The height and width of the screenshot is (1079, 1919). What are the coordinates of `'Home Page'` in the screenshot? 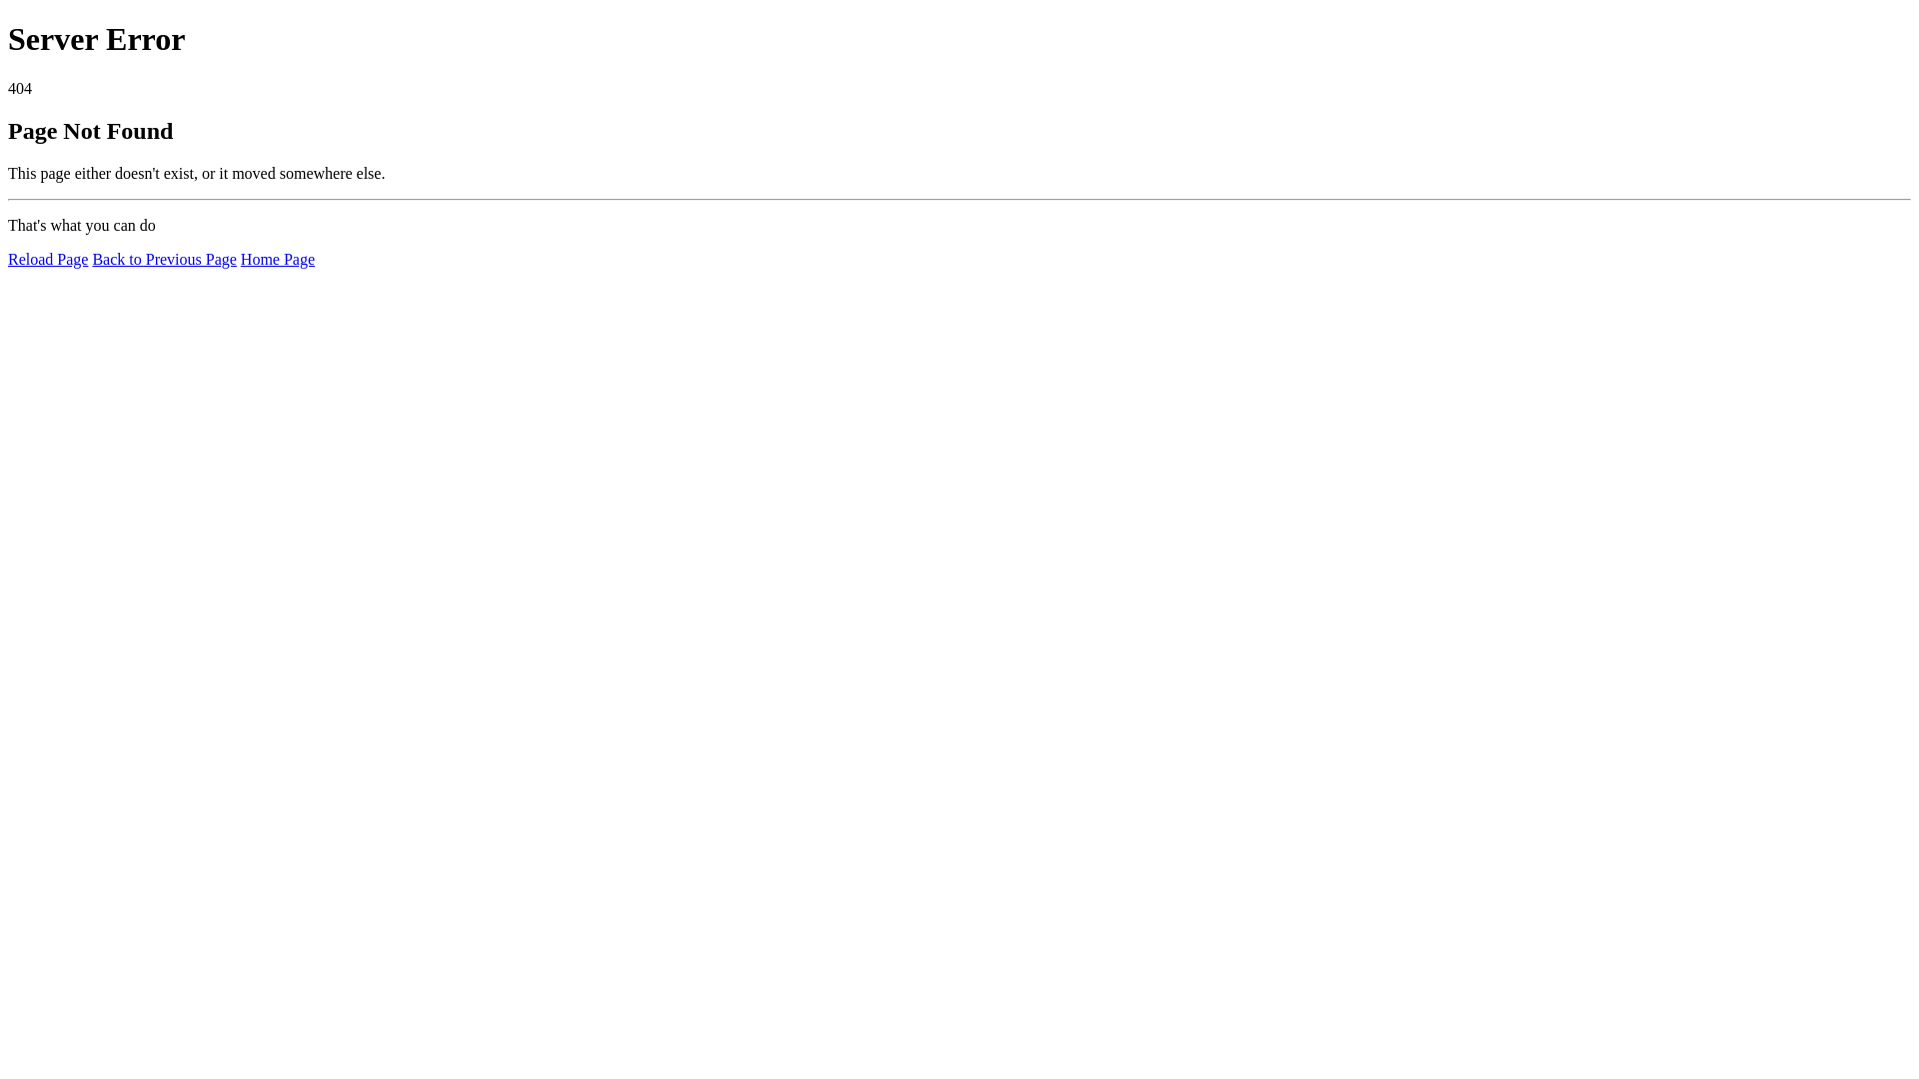 It's located at (277, 258).